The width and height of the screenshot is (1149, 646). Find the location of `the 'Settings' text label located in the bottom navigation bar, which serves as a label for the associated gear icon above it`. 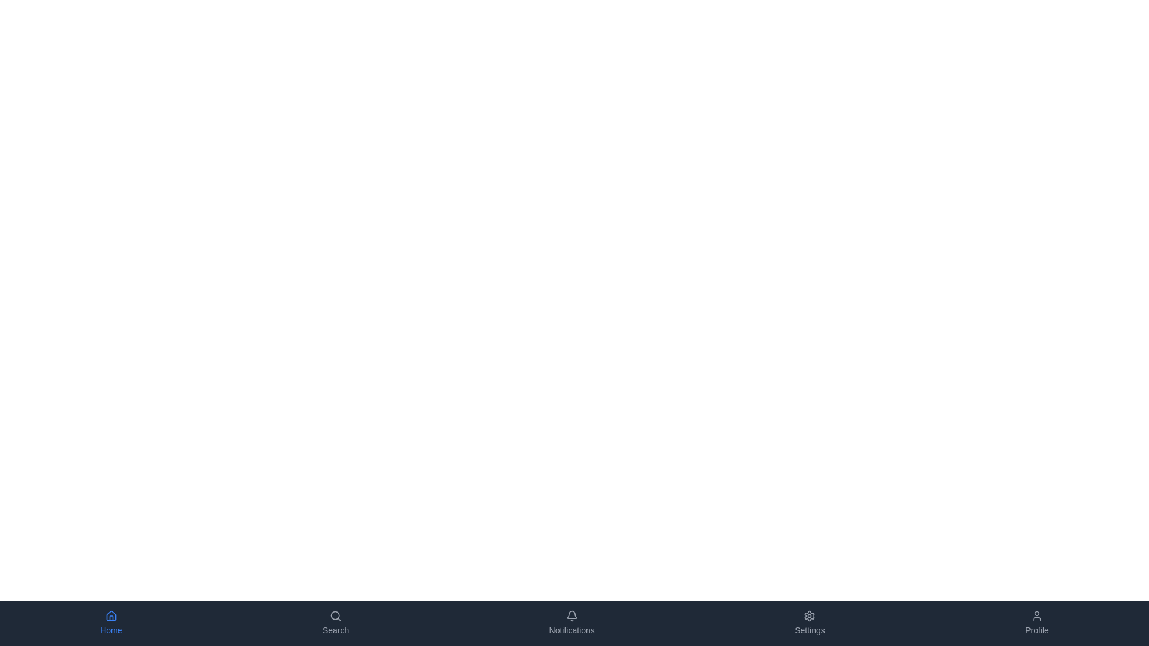

the 'Settings' text label located in the bottom navigation bar, which serves as a label for the associated gear icon above it is located at coordinates (810, 629).